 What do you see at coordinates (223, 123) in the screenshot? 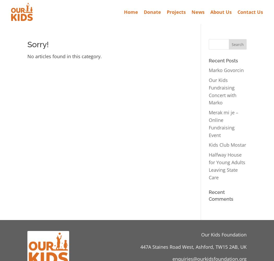
I see `'Merak mi je – Online Fundraising Event'` at bounding box center [223, 123].